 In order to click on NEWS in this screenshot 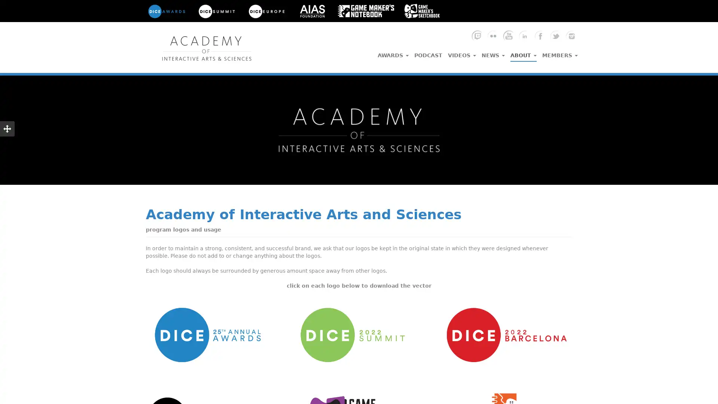, I will do `click(493, 53)`.